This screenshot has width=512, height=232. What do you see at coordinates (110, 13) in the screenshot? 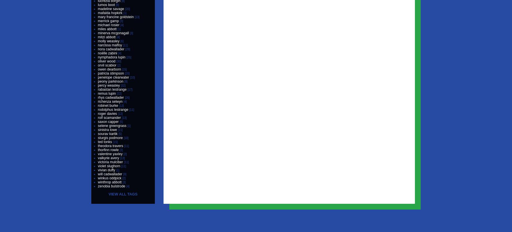
I see `'mafalda hopkirk'` at bounding box center [110, 13].